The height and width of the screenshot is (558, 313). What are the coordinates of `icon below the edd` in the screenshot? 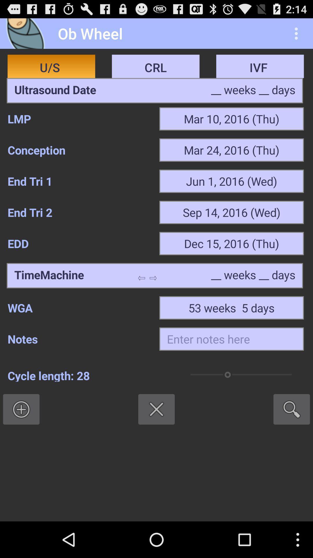 It's located at (49, 275).